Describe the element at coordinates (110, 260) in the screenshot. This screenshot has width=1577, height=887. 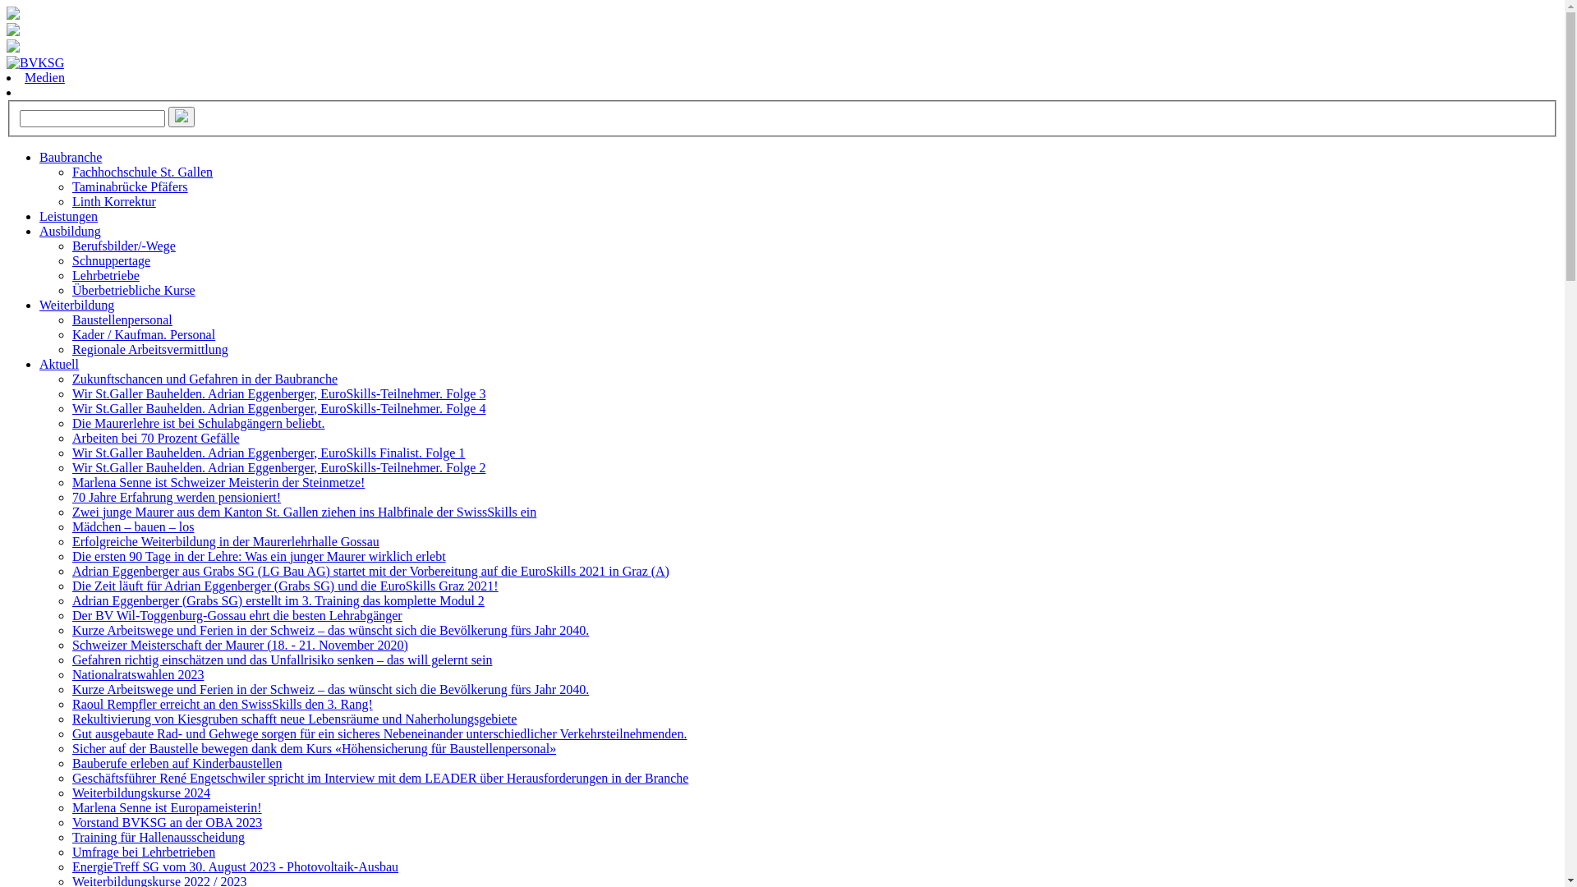
I see `'Schnuppertage'` at that location.